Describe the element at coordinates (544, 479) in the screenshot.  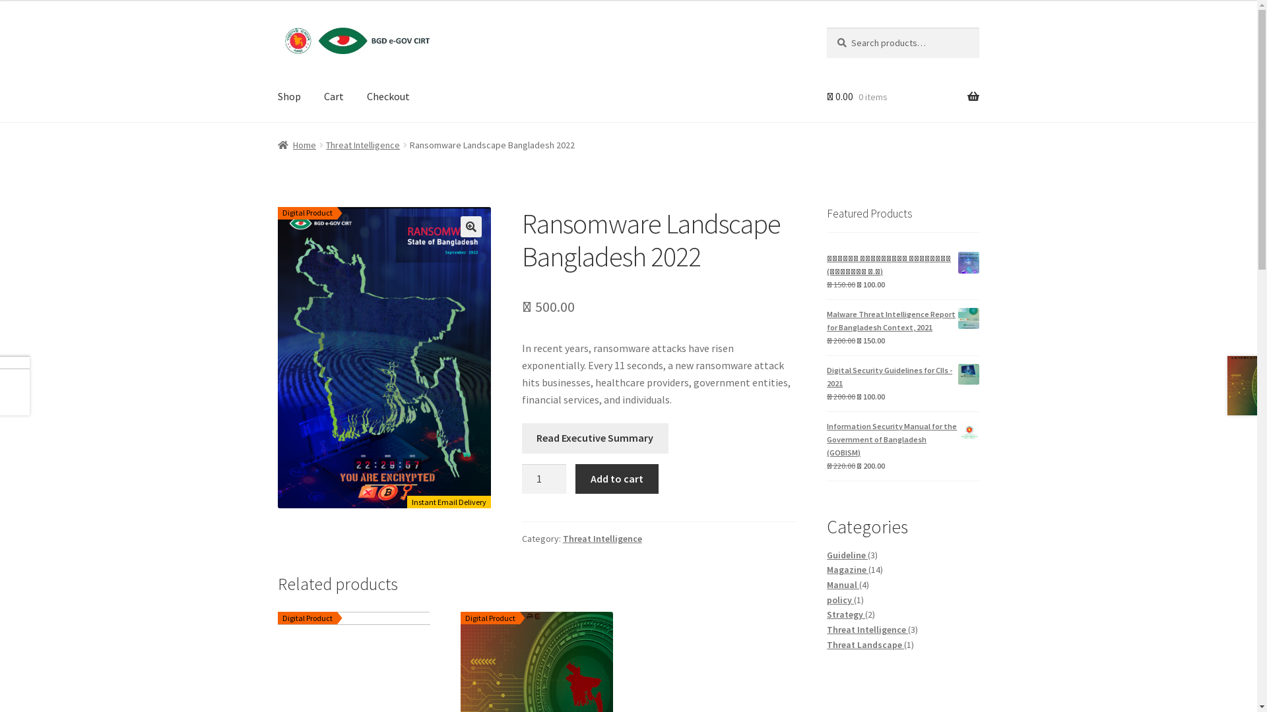
I see `'Qty'` at that location.